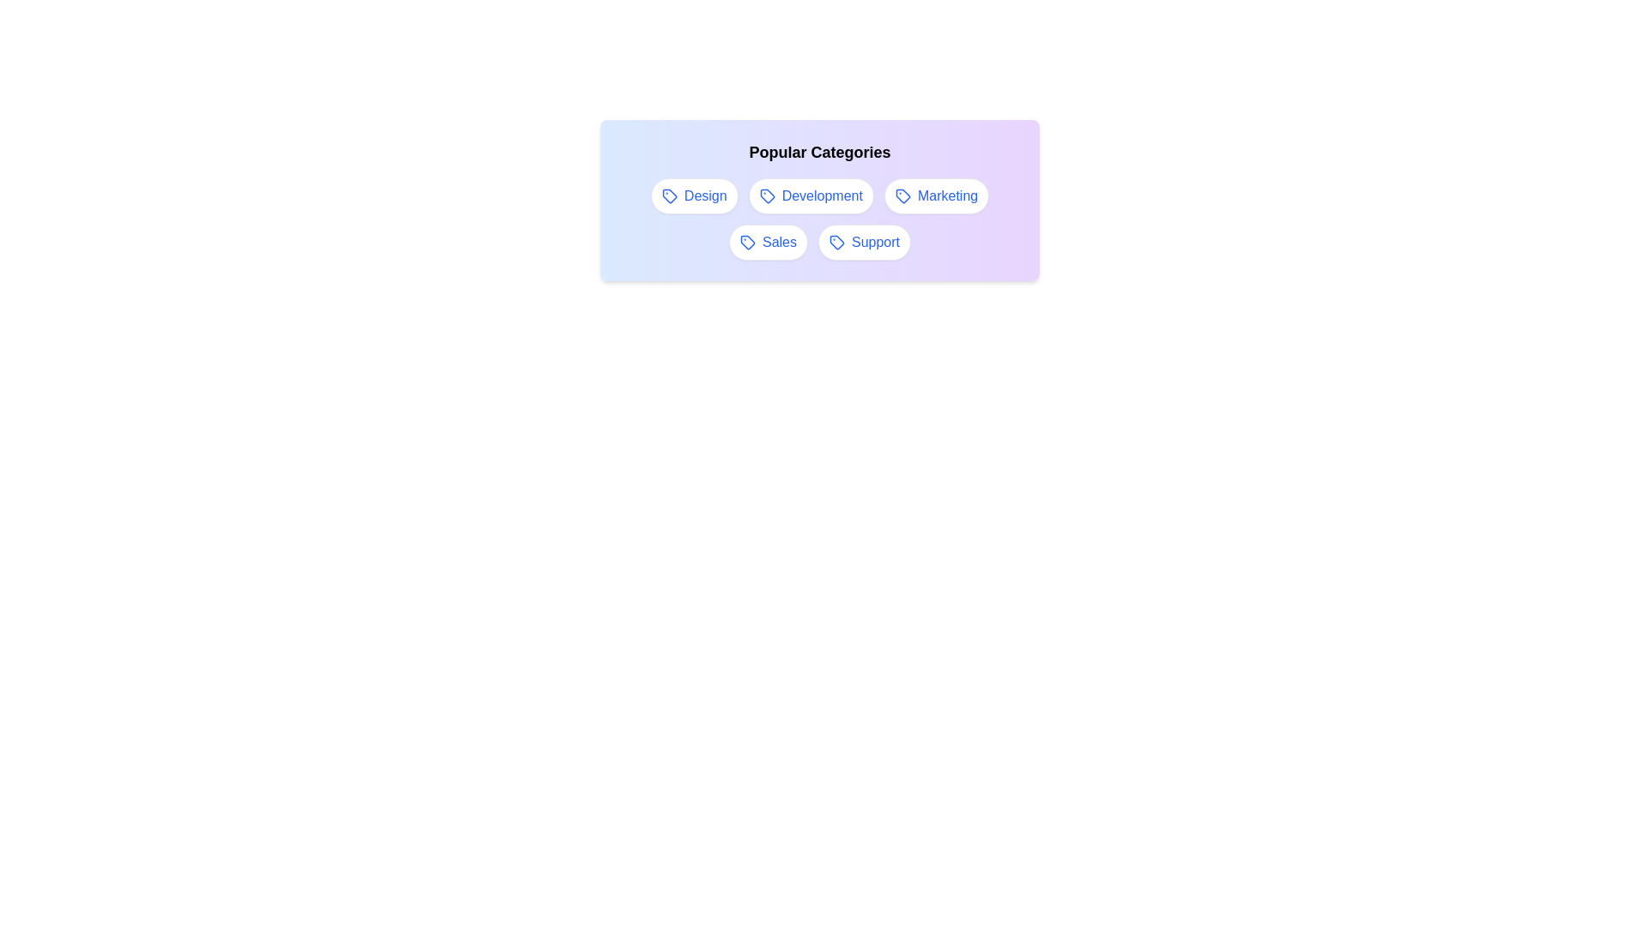 Image resolution: width=1647 pixels, height=926 pixels. What do you see at coordinates (694, 195) in the screenshot?
I see `the tag labeled Design` at bounding box center [694, 195].